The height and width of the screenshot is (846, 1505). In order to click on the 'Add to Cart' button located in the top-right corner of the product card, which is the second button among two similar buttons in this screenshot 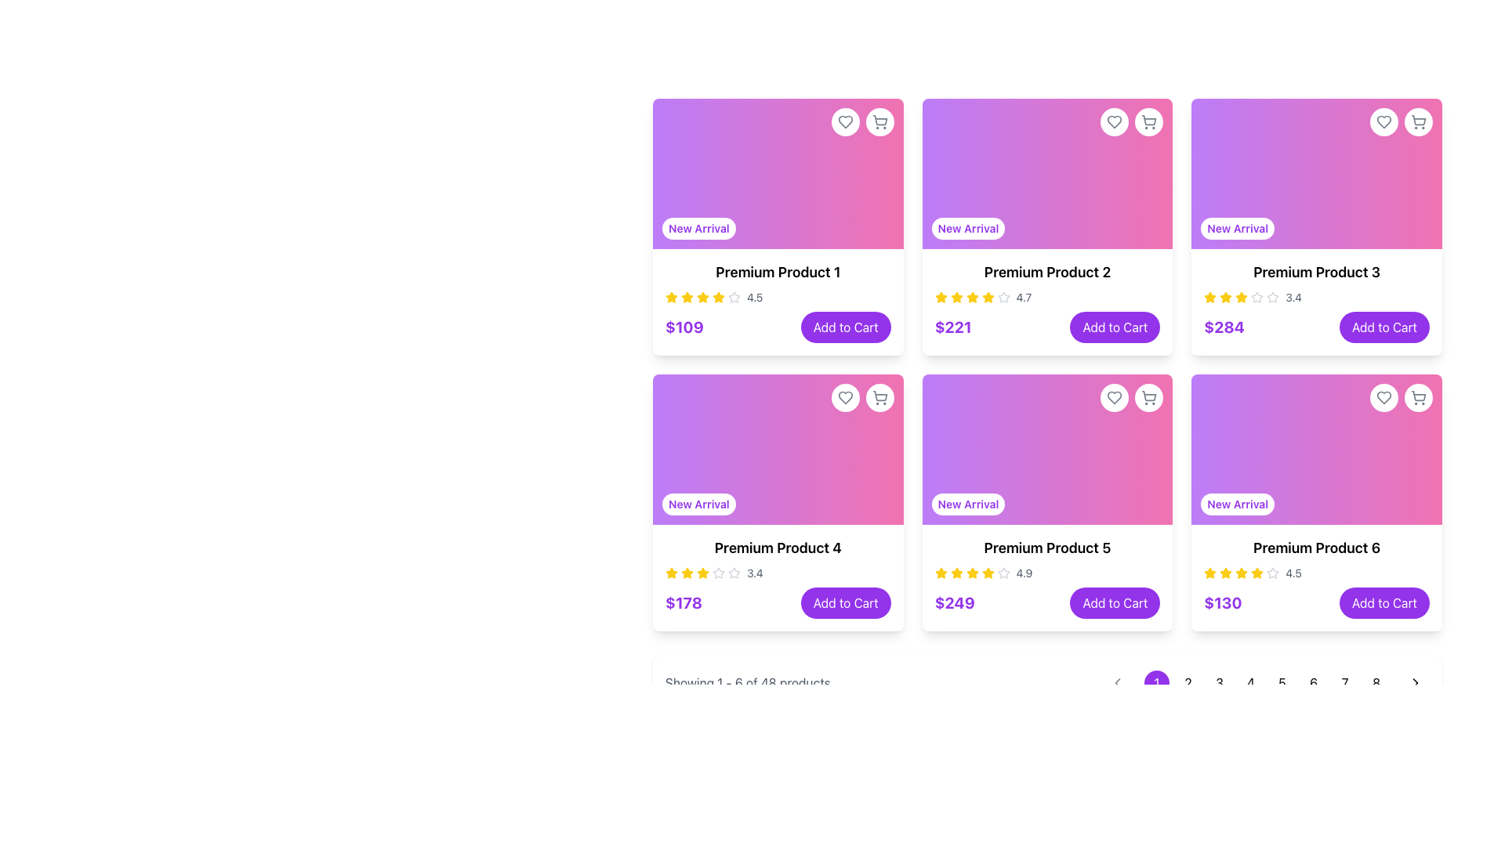, I will do `click(879, 397)`.